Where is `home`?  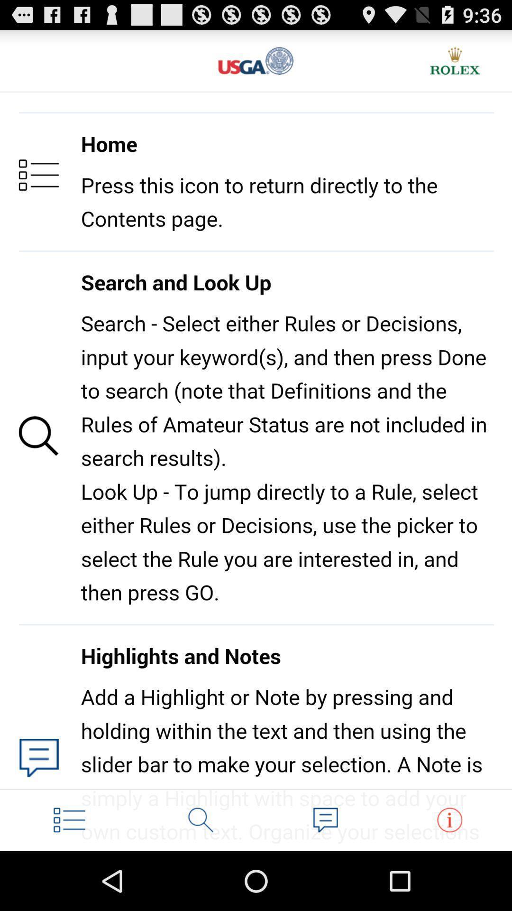
home is located at coordinates (69, 819).